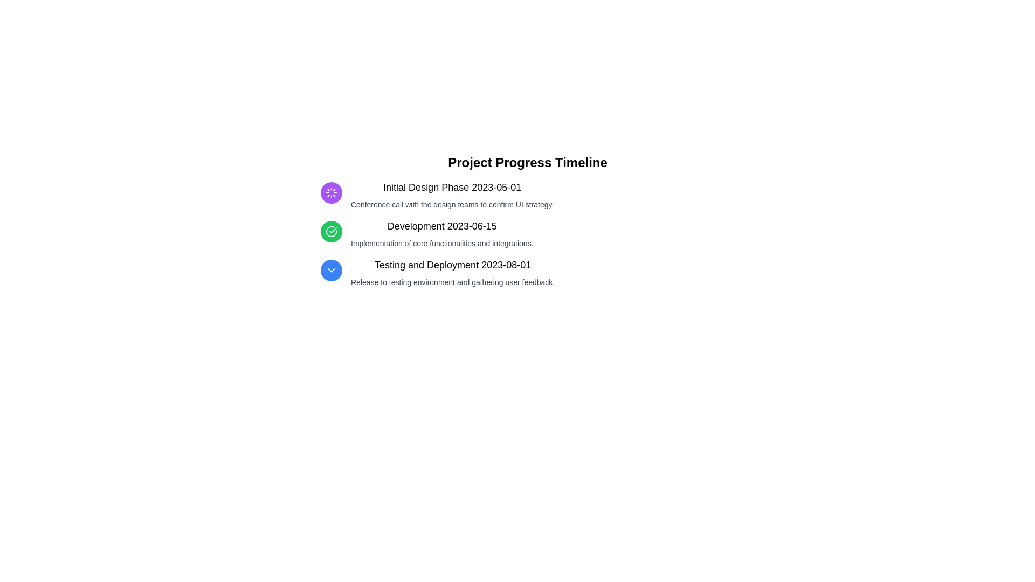 The width and height of the screenshot is (1035, 582). I want to click on the Text Block displaying 'Testing and Deployment 2023-08-01' and 'Release to testing environment and gathering user feedback.' located towards the center-right of the interface, so click(453, 272).